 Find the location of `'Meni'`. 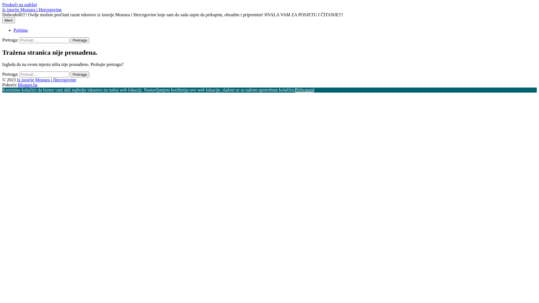

'Meni' is located at coordinates (8, 20).